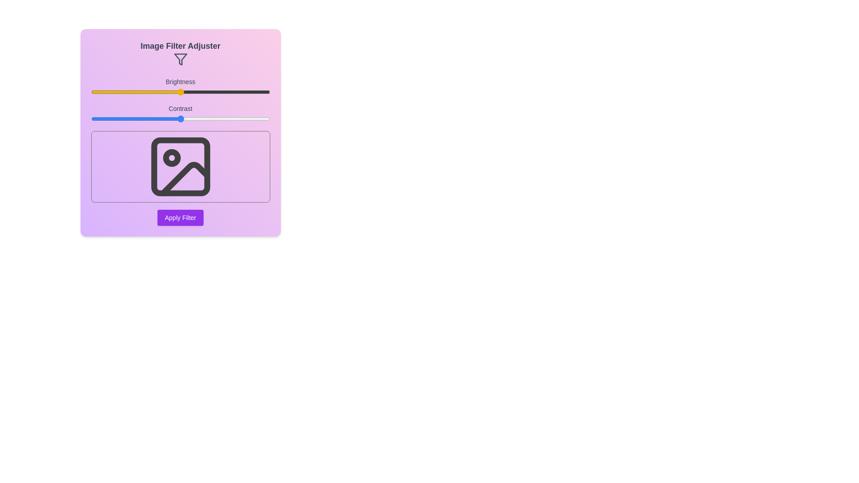 This screenshot has height=483, width=859. Describe the element at coordinates (238, 119) in the screenshot. I see `the contrast slider to 82%` at that location.